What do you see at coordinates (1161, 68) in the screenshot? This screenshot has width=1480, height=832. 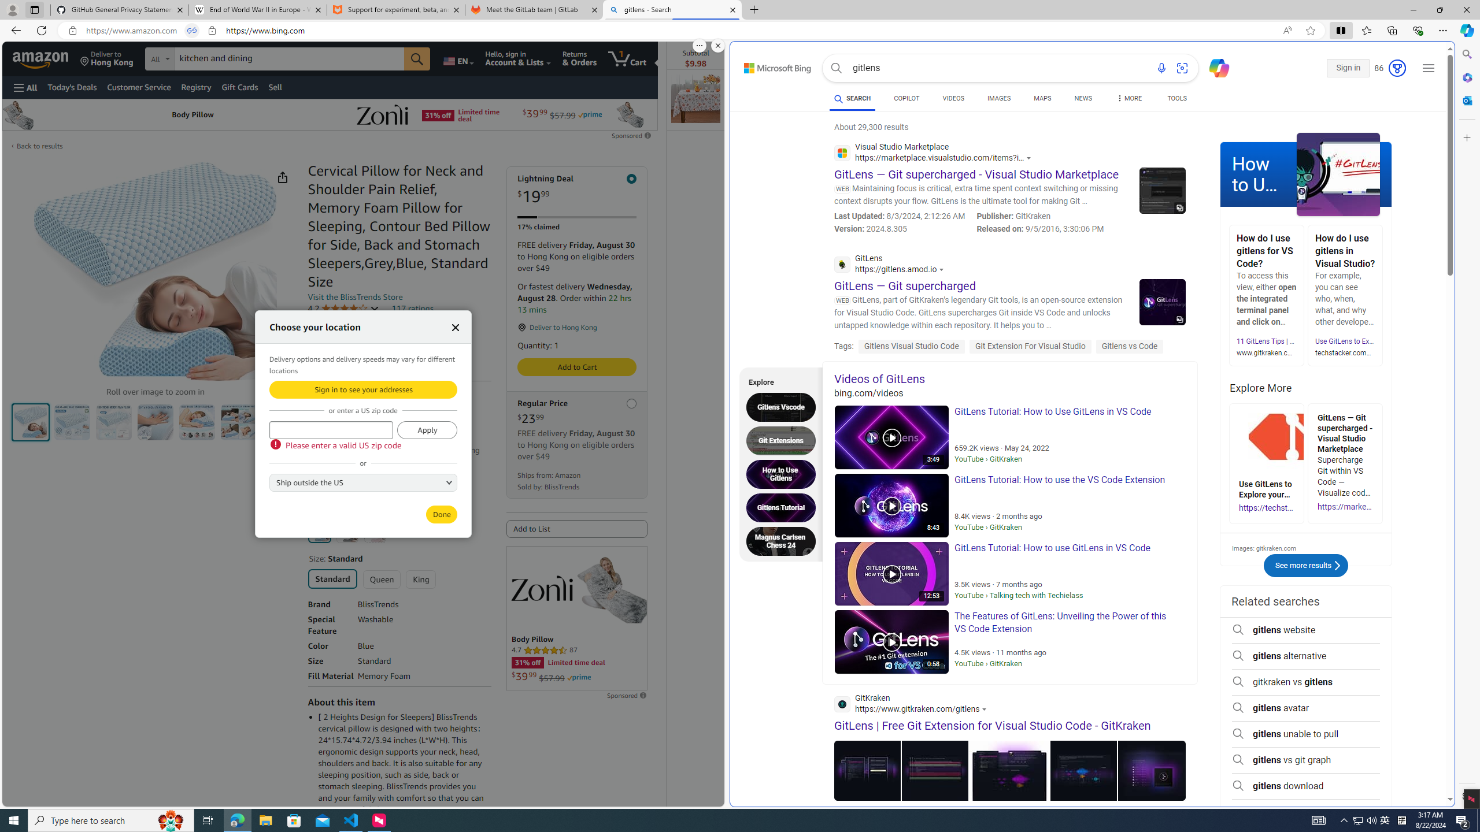 I see `'Search using voice'` at bounding box center [1161, 68].